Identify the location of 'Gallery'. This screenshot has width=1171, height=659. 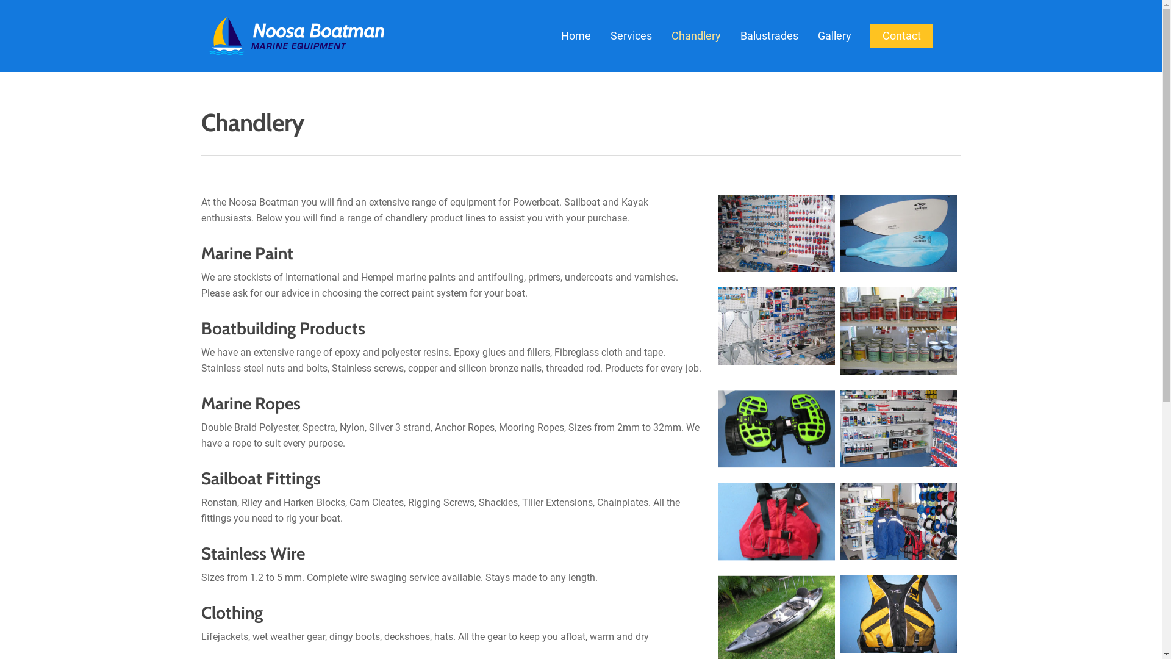
(834, 35).